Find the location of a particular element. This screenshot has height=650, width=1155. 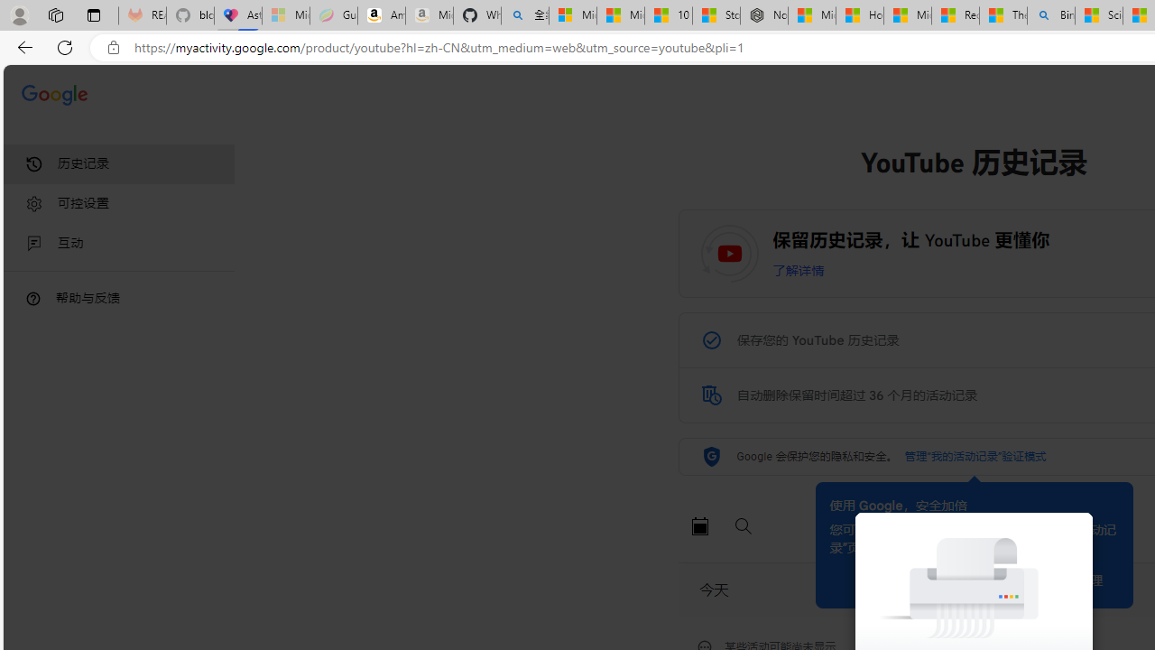

'Science - MSN' is located at coordinates (1097, 15).